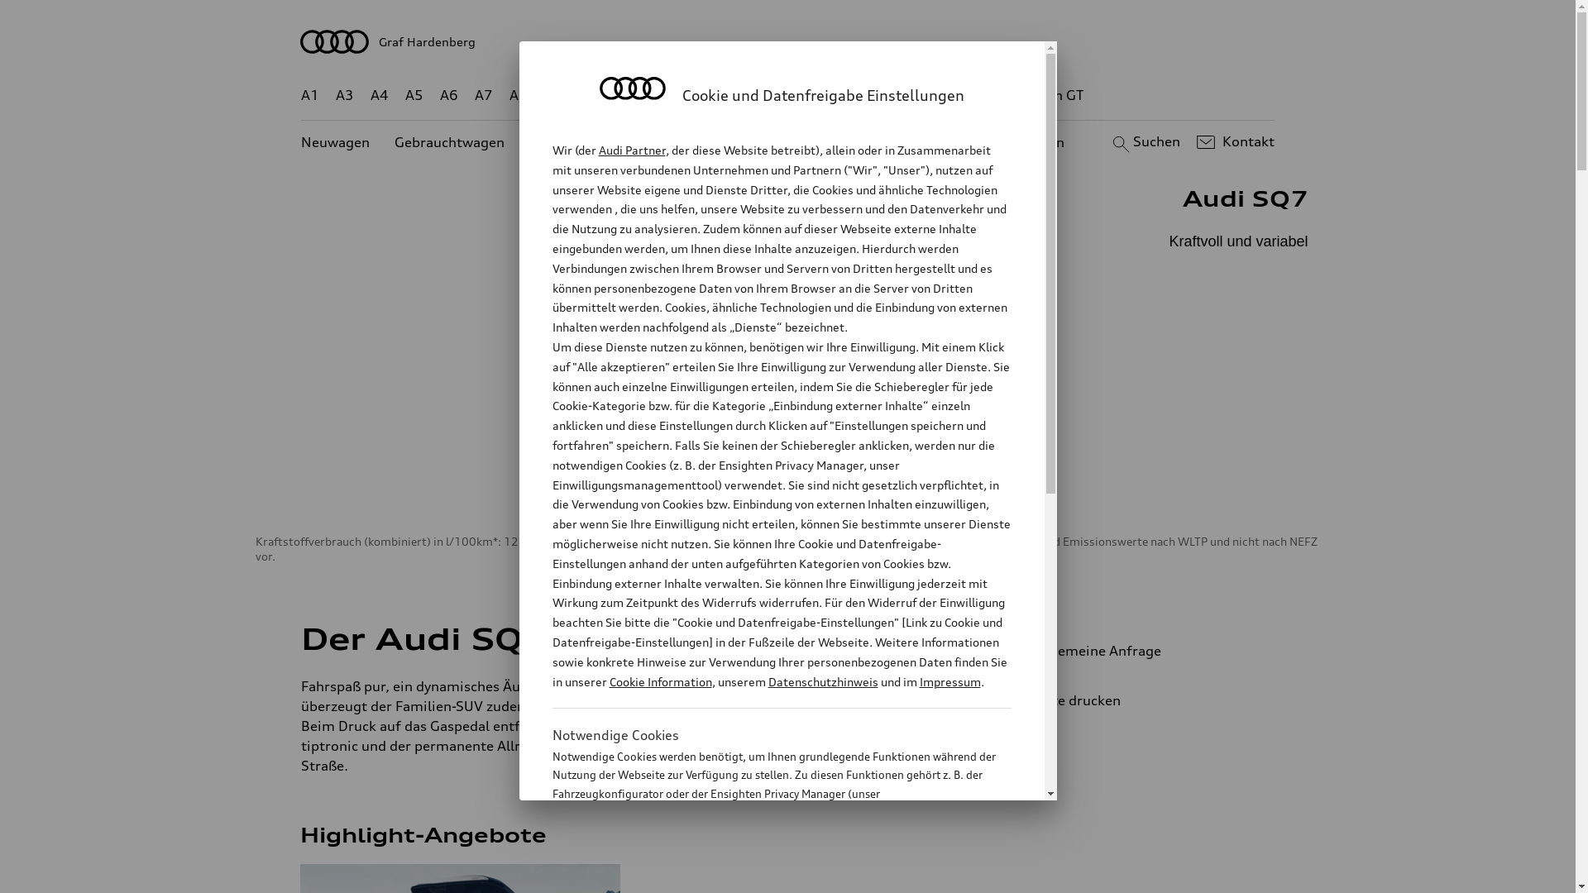 This screenshot has width=1588, height=893. What do you see at coordinates (393, 141) in the screenshot?
I see `'Gebrauchtwagen'` at bounding box center [393, 141].